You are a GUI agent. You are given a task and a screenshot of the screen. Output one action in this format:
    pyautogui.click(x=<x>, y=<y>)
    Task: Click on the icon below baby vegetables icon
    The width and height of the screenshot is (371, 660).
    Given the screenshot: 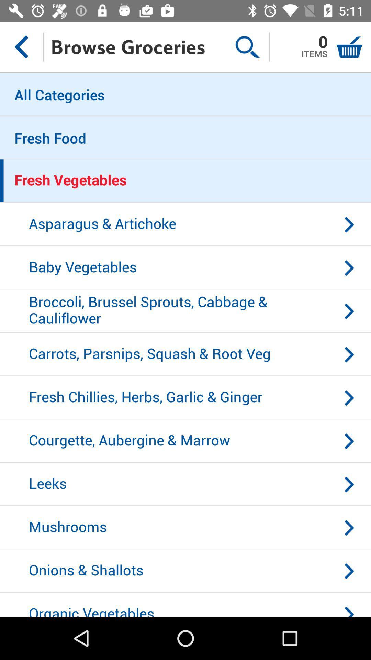 What is the action you would take?
    pyautogui.click(x=185, y=311)
    